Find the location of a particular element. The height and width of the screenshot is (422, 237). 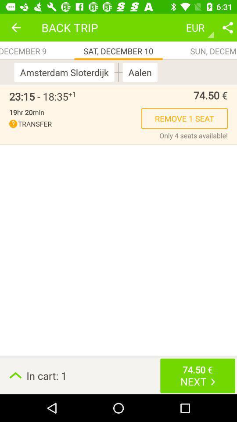

share the details is located at coordinates (227, 27).